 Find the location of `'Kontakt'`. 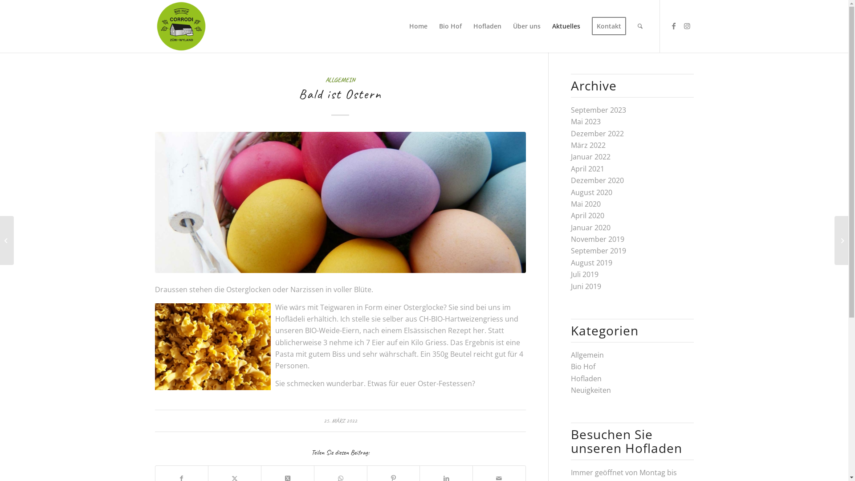

'Kontakt' is located at coordinates (608, 25).